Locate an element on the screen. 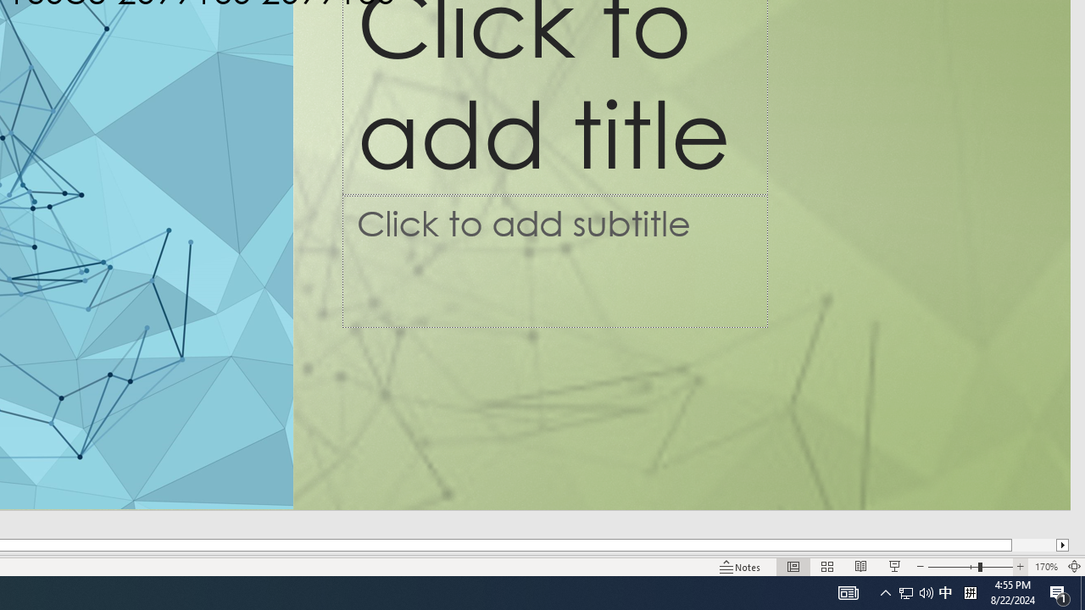 The image size is (1085, 610). 'Zoom 170%' is located at coordinates (1045, 567).